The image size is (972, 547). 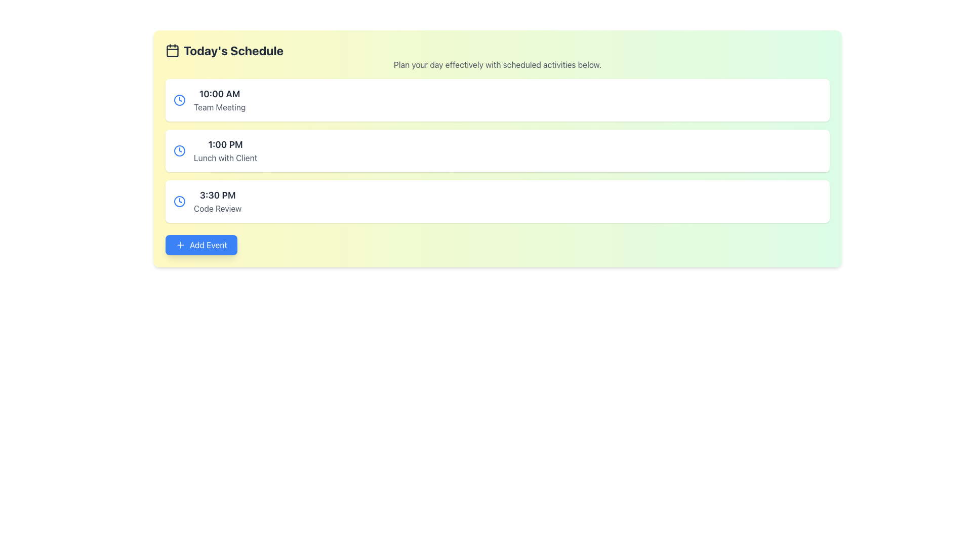 I want to click on the circular element within the clock icon, which is part of a scheduled event list item, so click(x=180, y=150).